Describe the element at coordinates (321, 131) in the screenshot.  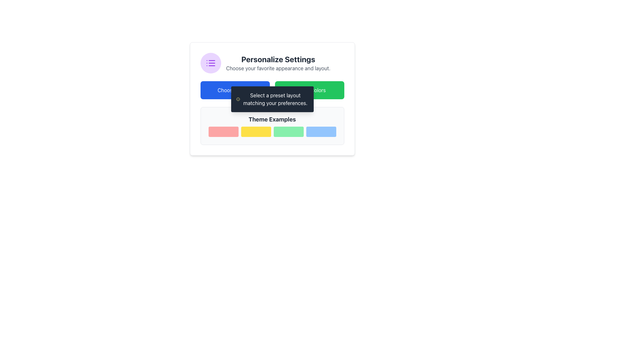
I see `the blue button element` at that location.